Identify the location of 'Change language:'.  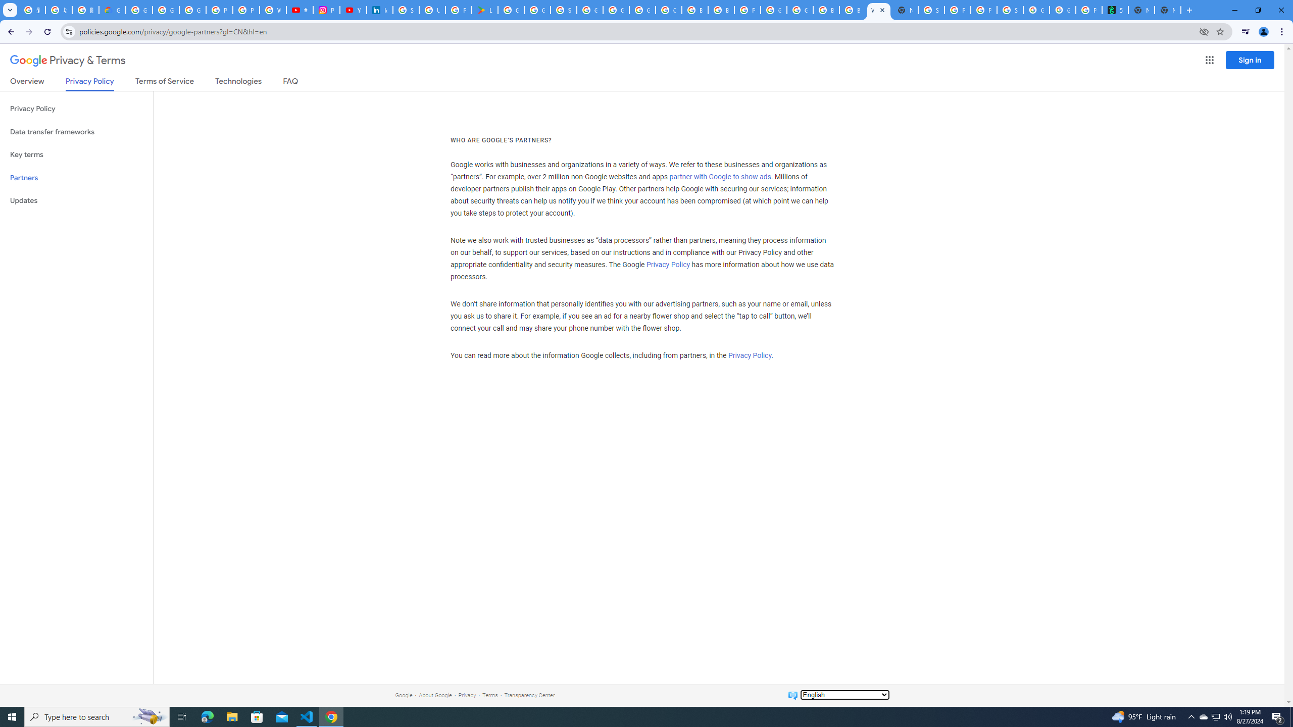
(844, 694).